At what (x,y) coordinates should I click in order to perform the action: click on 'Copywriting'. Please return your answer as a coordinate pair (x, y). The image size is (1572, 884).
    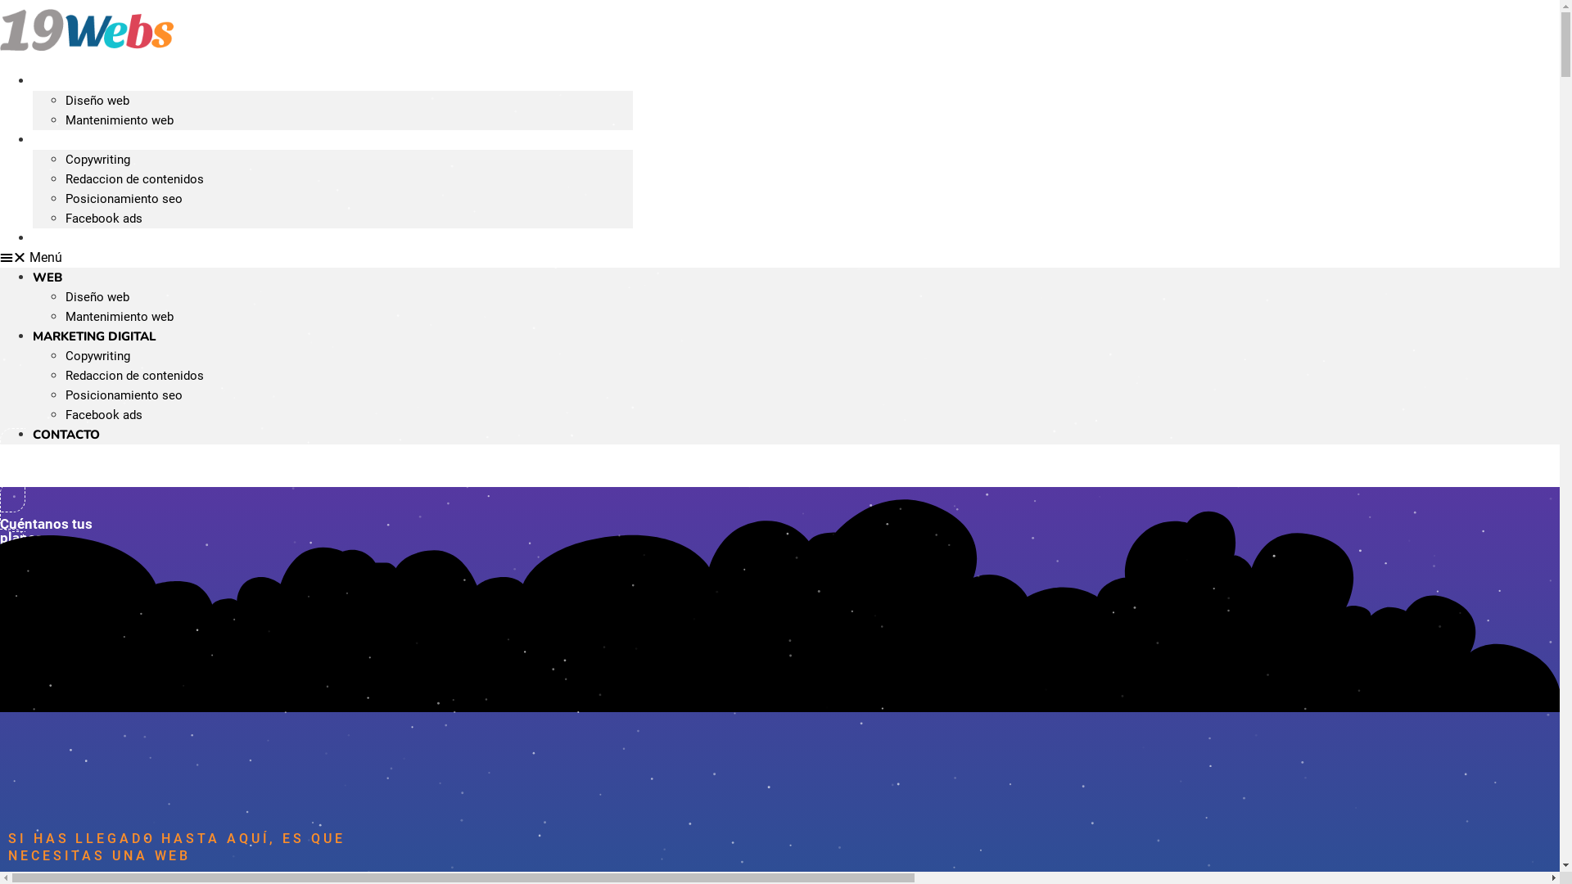
    Looking at the image, I should click on (97, 160).